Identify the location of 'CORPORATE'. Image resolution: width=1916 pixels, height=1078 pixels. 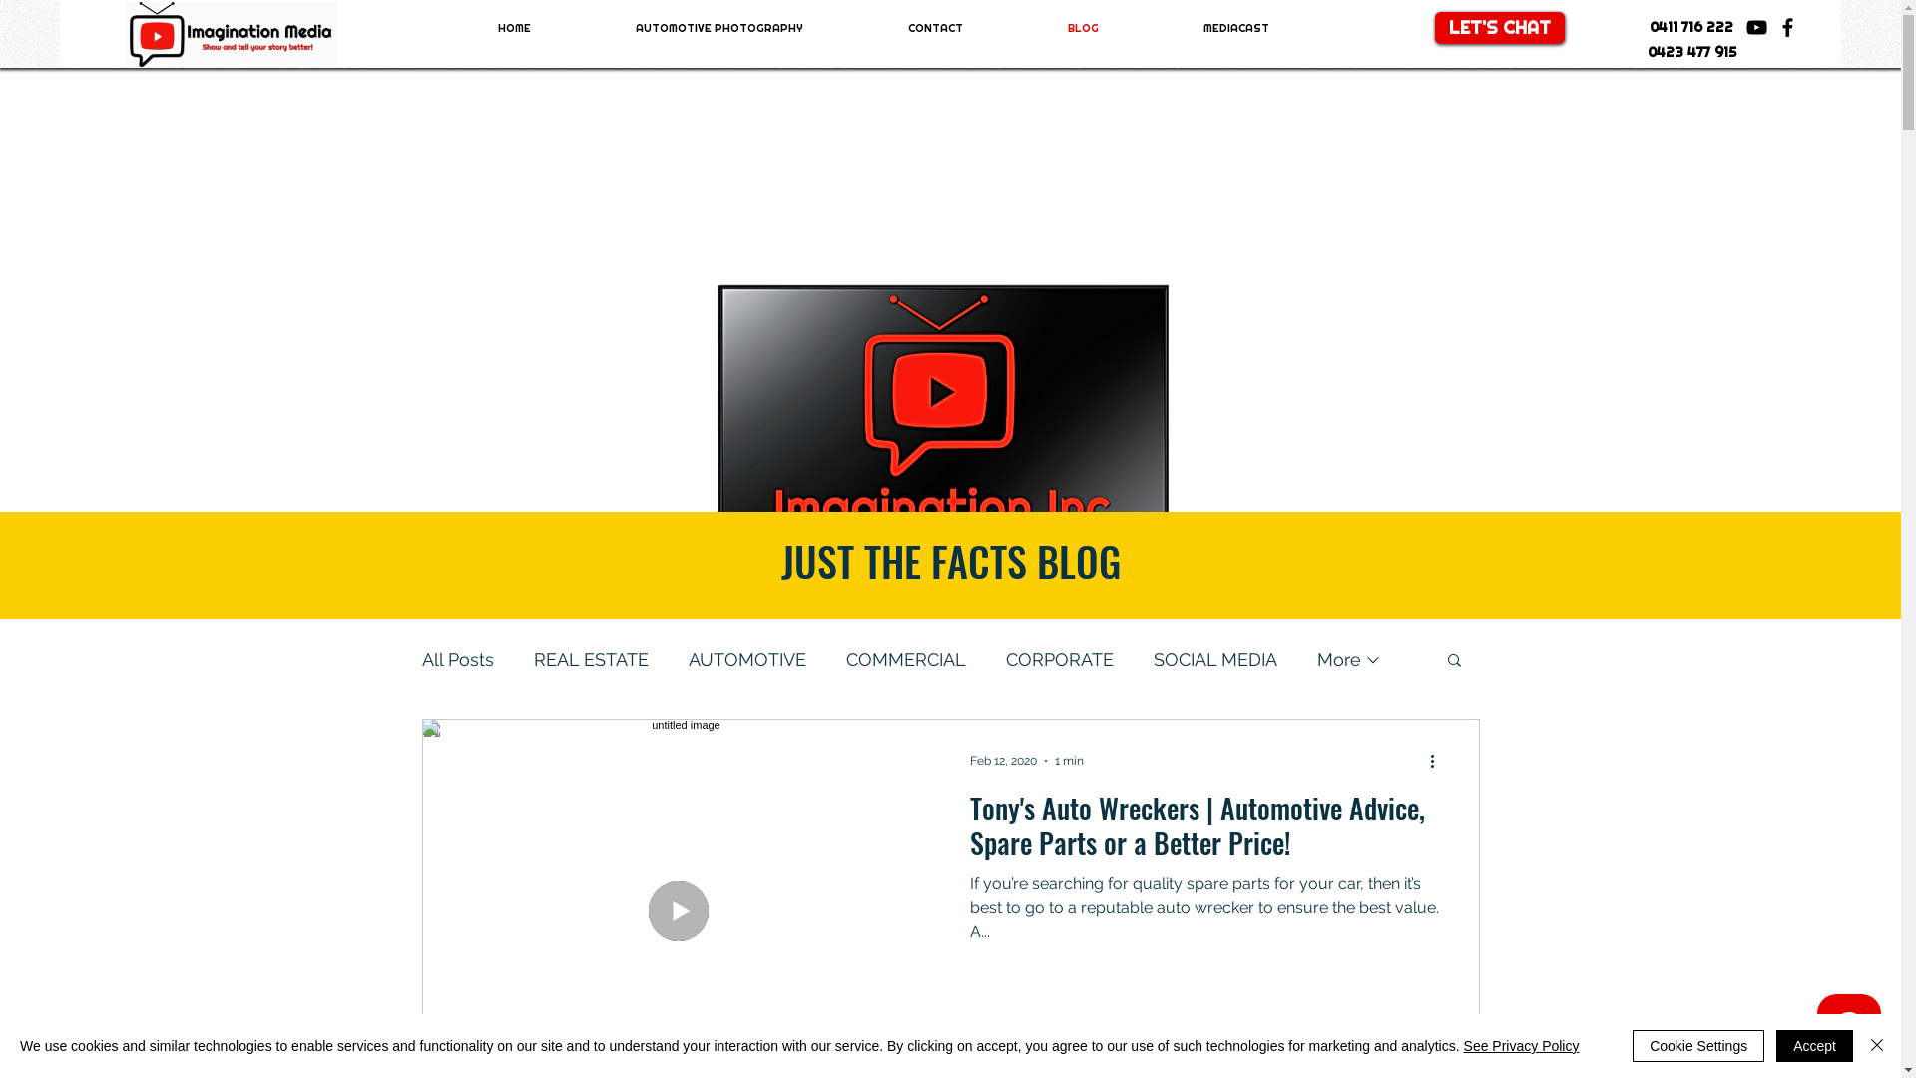
(1058, 659).